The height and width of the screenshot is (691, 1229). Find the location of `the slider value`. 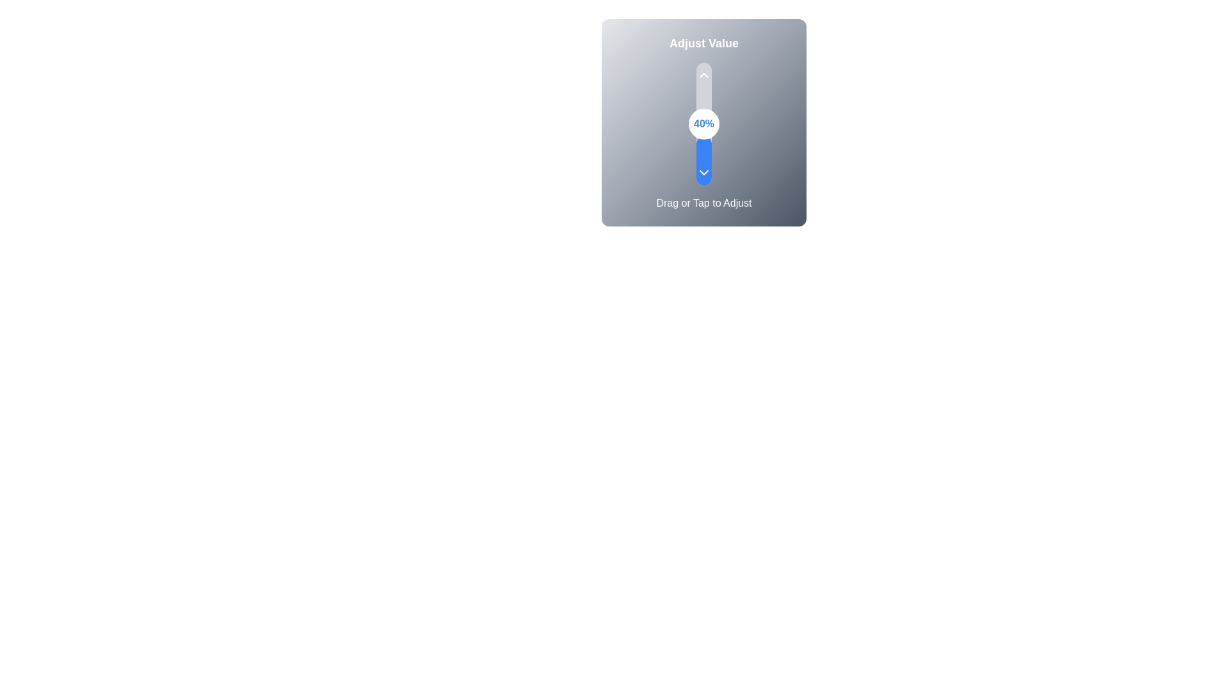

the slider value is located at coordinates (703, 153).